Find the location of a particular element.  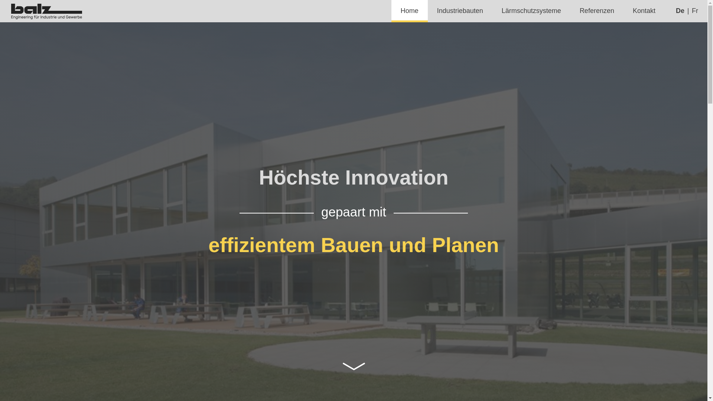

'De' is located at coordinates (680, 11).